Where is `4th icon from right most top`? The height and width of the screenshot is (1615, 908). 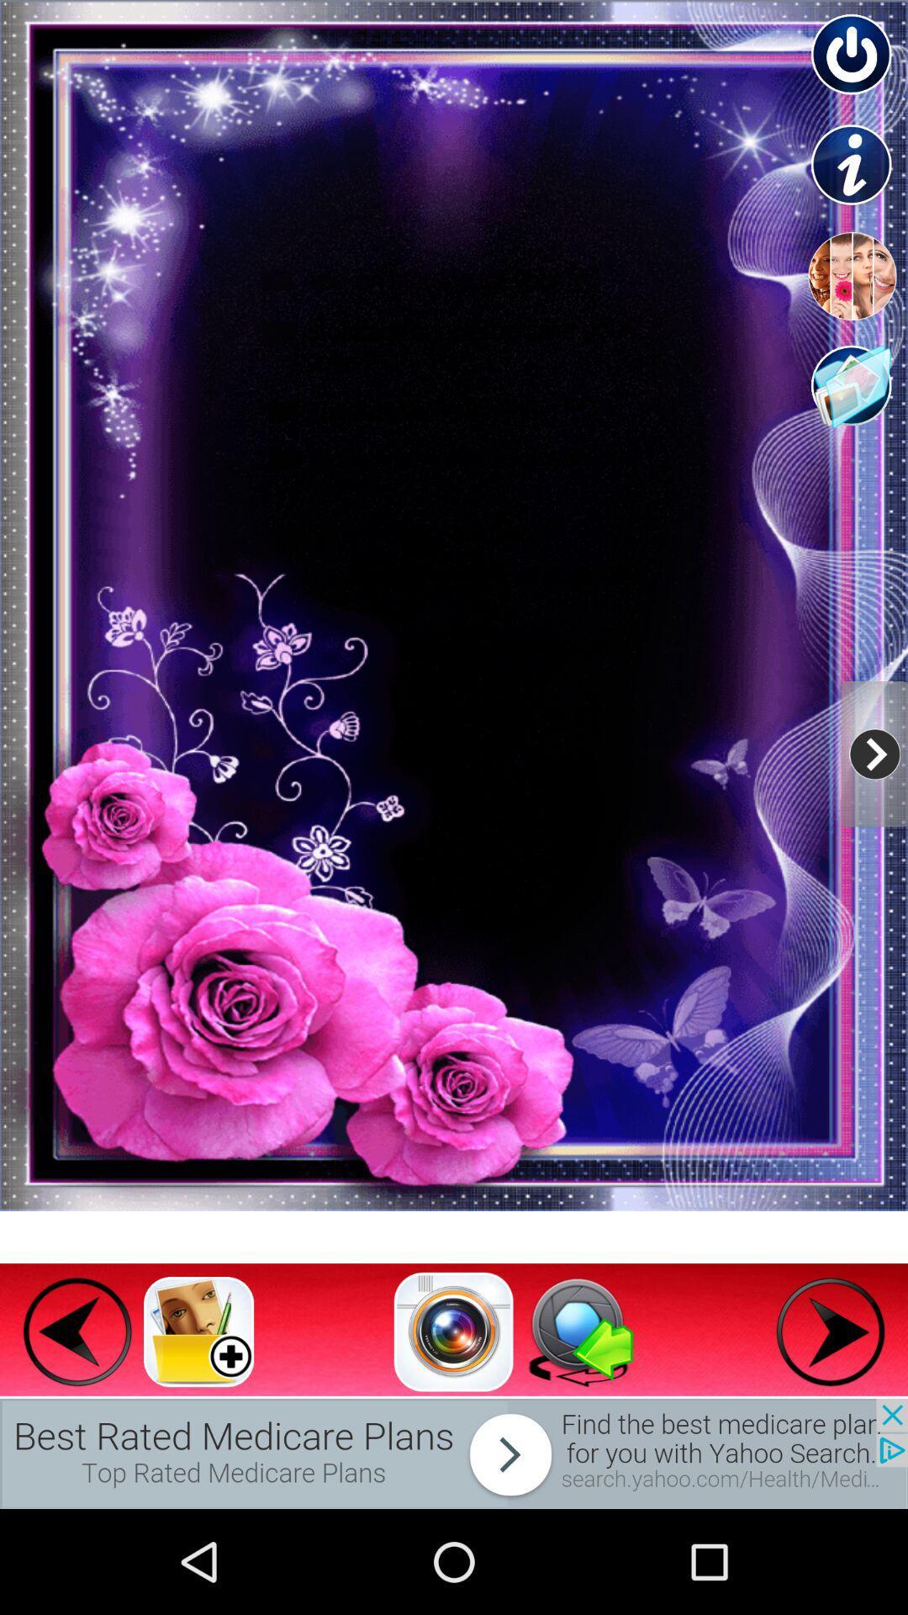 4th icon from right most top is located at coordinates (853, 385).